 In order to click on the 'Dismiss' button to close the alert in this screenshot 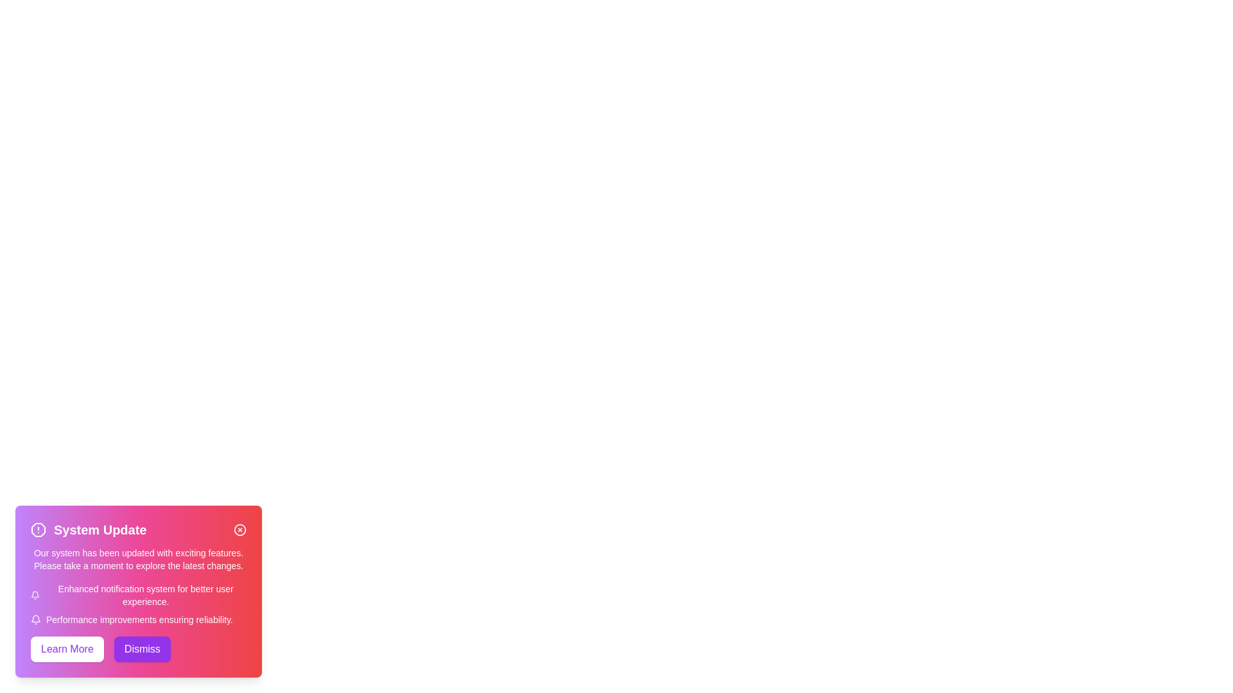, I will do `click(142, 649)`.